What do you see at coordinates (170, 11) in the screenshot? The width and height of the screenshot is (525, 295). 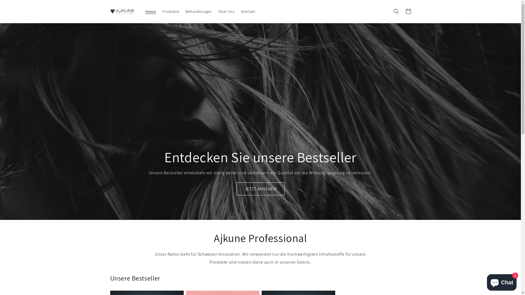 I see `'Produkte'` at bounding box center [170, 11].